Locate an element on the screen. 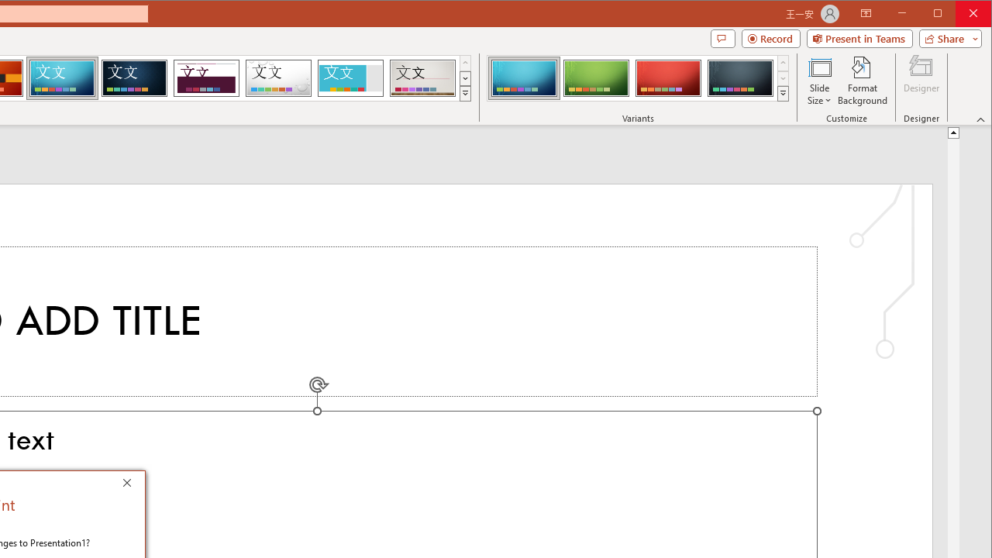 This screenshot has height=558, width=992. 'Circuit Variant 1' is located at coordinates (524, 77).